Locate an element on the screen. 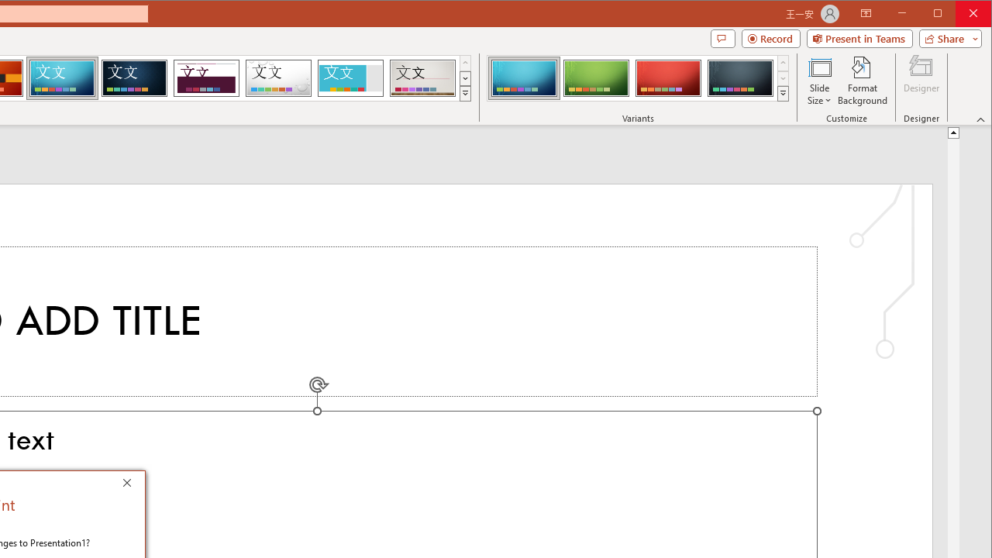 This screenshot has height=558, width=992. 'Circuit Variant 1' is located at coordinates (524, 77).